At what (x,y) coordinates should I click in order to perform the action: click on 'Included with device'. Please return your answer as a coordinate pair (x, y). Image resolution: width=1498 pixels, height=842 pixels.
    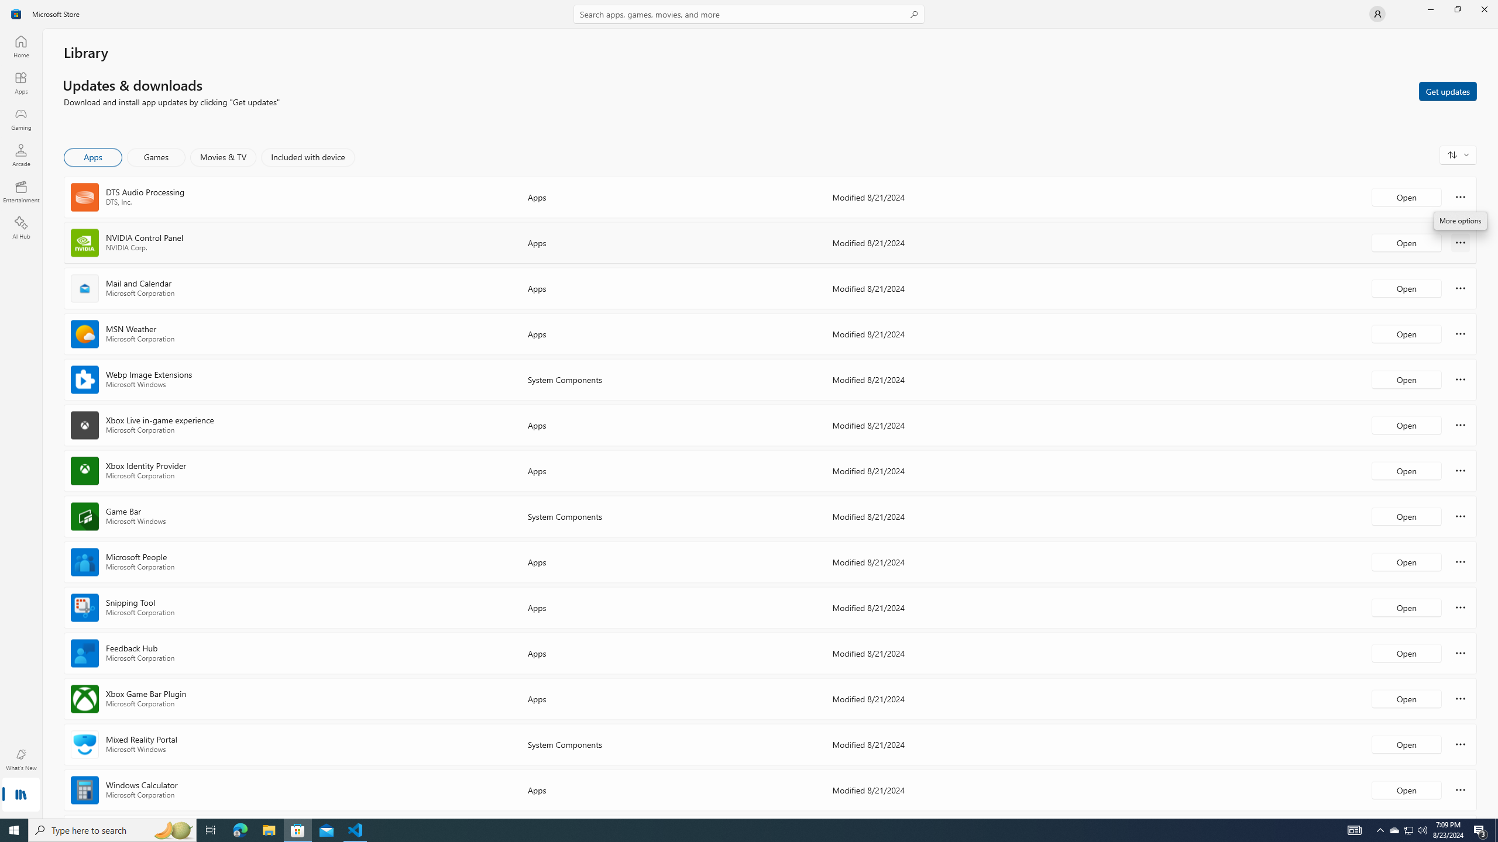
    Looking at the image, I should click on (307, 157).